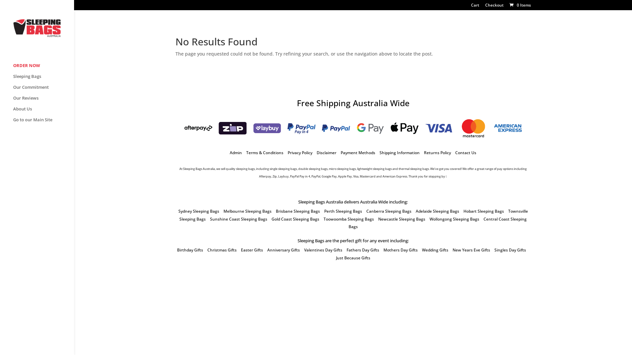  I want to click on 'Valentines Day Gifts', so click(323, 250).